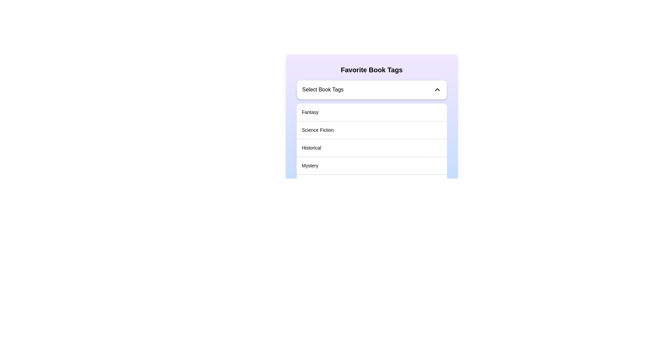 This screenshot has width=645, height=363. I want to click on the 'Science Fiction' list item option in the dropdown menu labeled 'Select Book Tags', so click(371, 130).